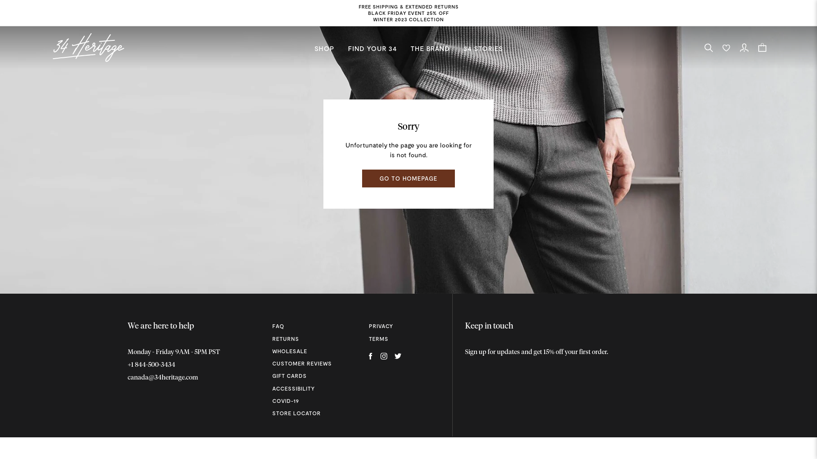 The image size is (817, 459). Describe the element at coordinates (408, 6) in the screenshot. I see `'FREE SHIPPING & EXTENDED RETURNS'` at that location.